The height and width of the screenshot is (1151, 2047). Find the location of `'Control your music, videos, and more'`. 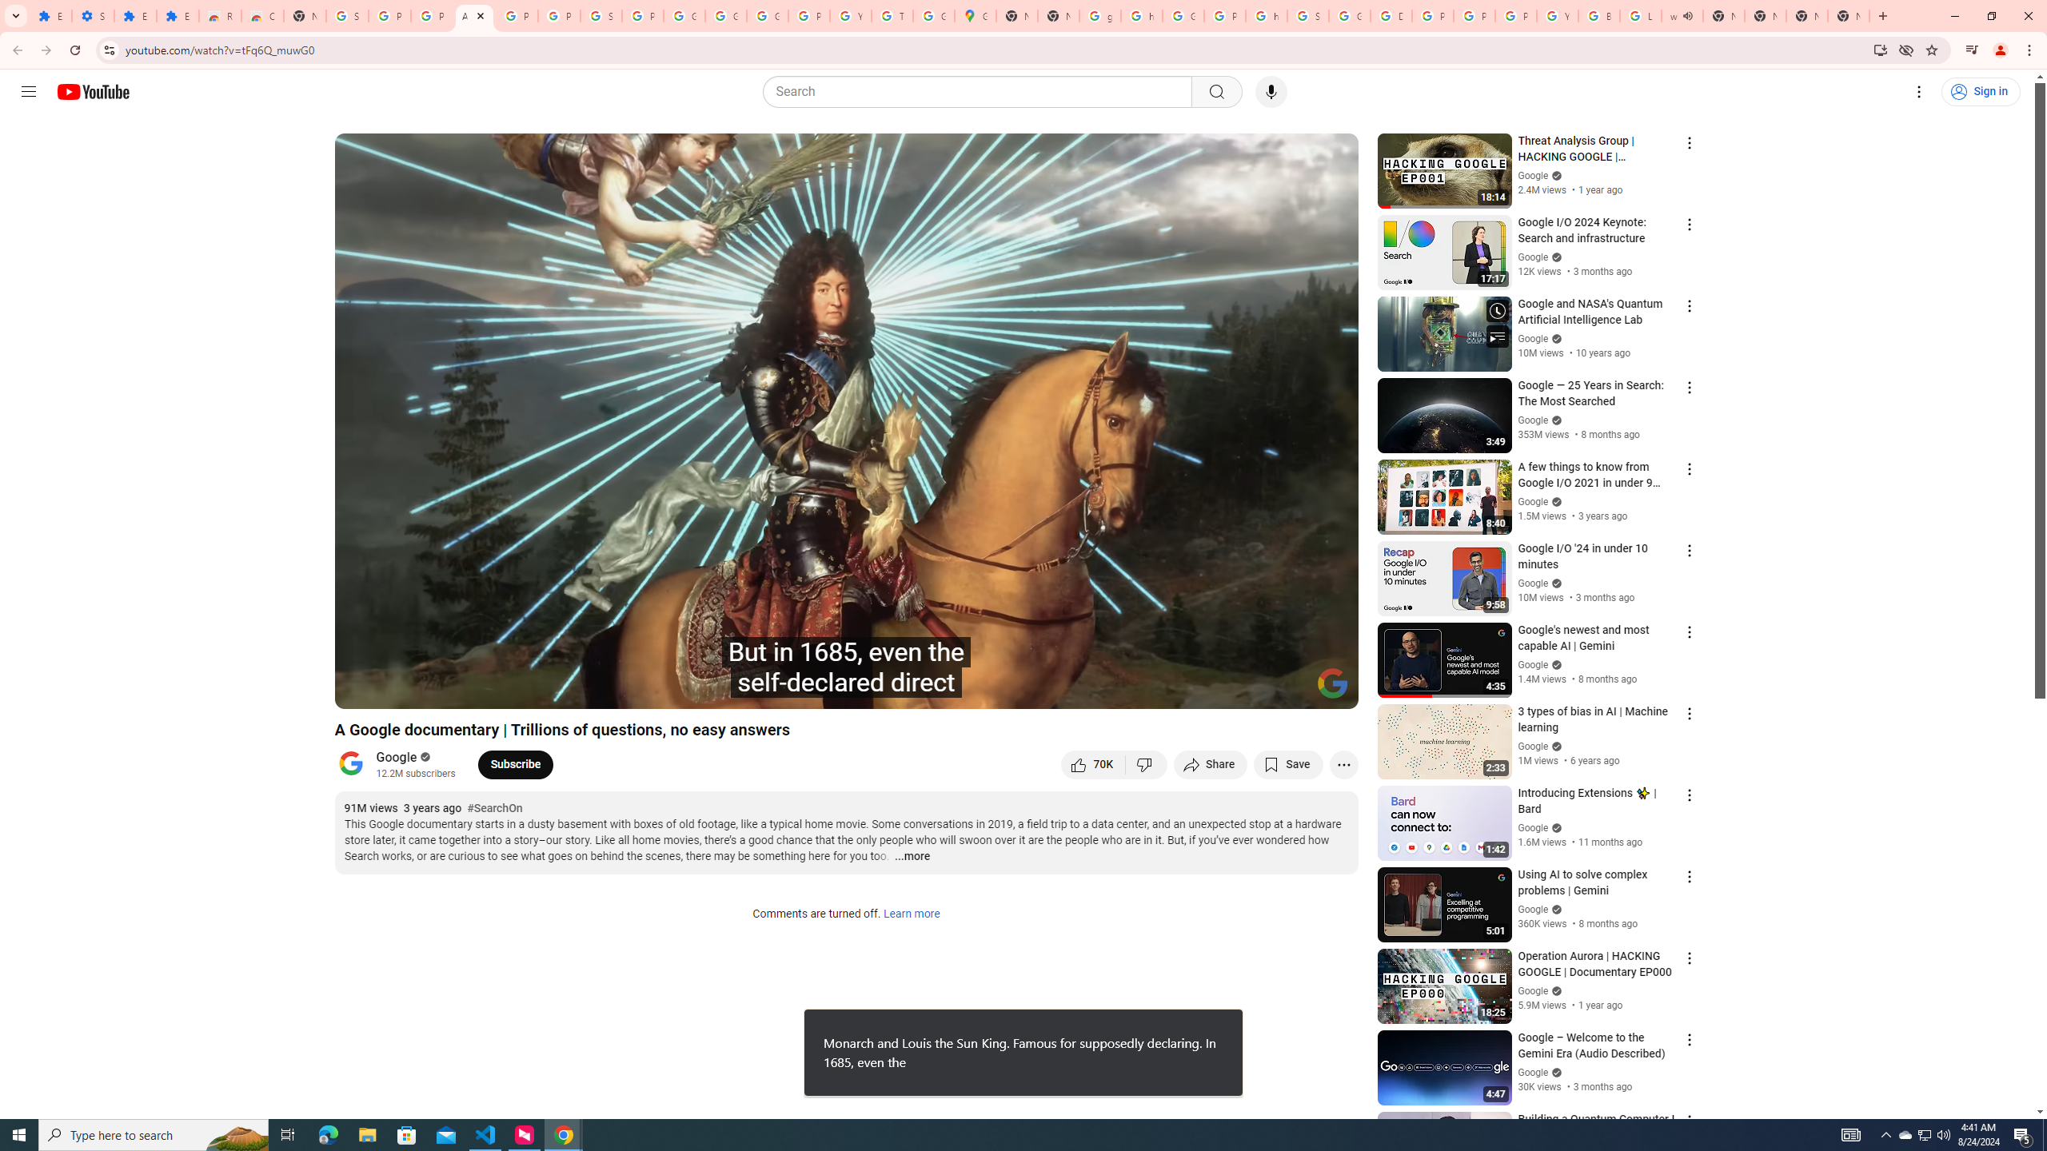

'Control your music, videos, and more' is located at coordinates (1972, 50).